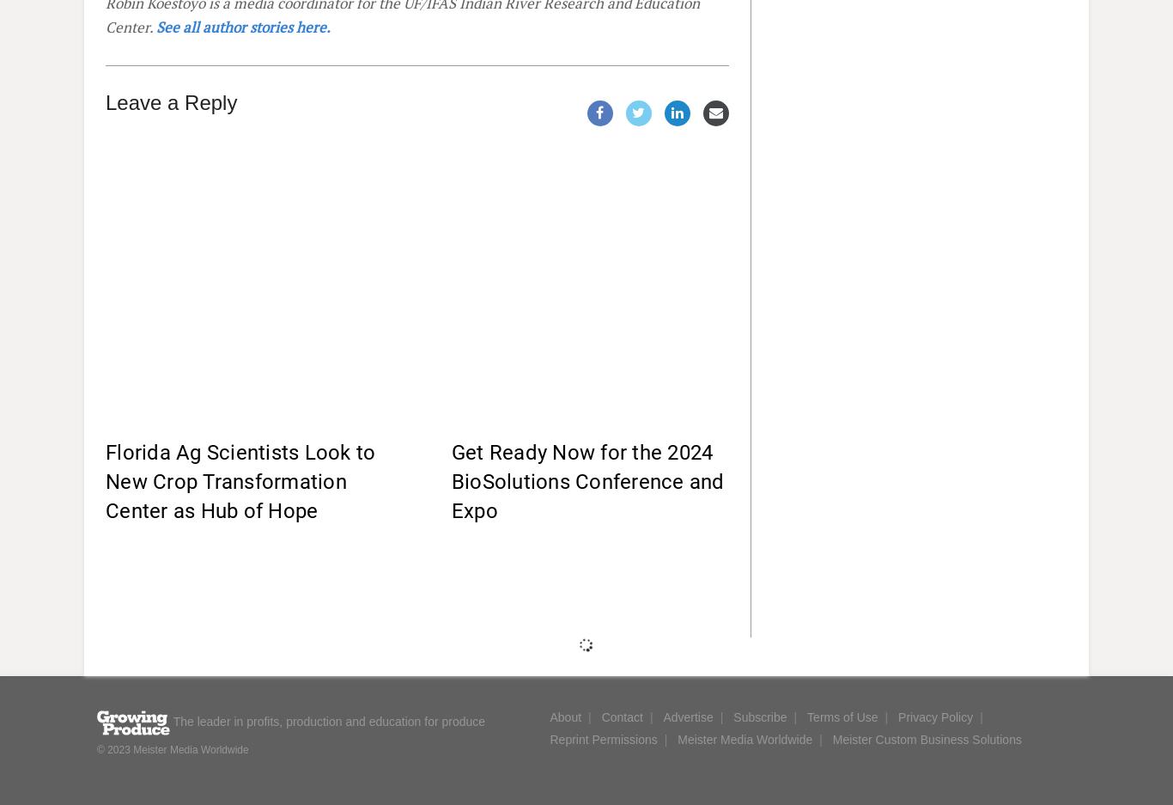 This screenshot has height=805, width=1173. What do you see at coordinates (926, 740) in the screenshot?
I see `'Meister Custom Business Solutions'` at bounding box center [926, 740].